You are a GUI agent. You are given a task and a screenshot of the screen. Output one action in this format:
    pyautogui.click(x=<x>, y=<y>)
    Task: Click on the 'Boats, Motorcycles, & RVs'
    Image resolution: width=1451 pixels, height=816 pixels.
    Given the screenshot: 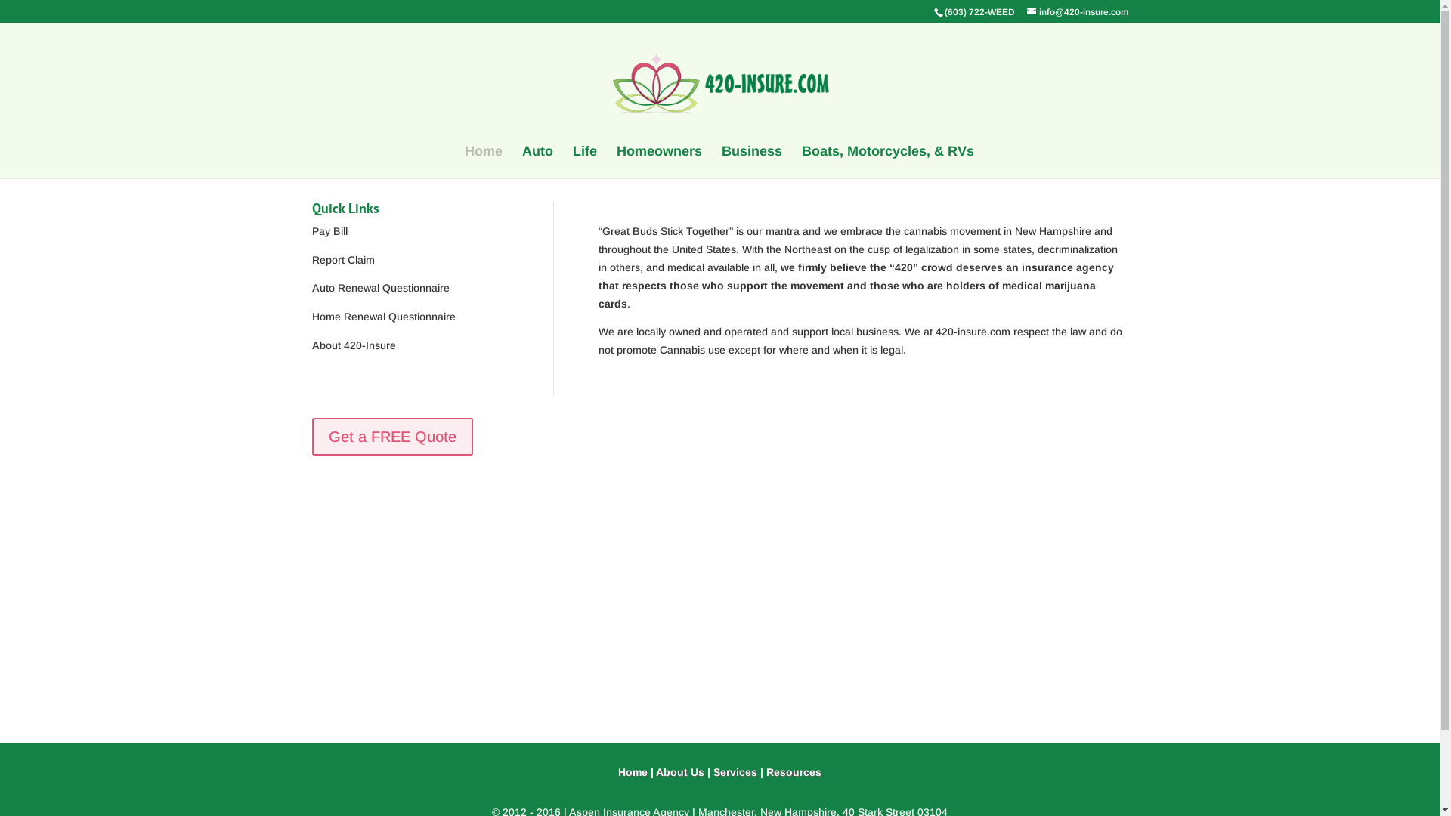 What is the action you would take?
    pyautogui.click(x=800, y=162)
    